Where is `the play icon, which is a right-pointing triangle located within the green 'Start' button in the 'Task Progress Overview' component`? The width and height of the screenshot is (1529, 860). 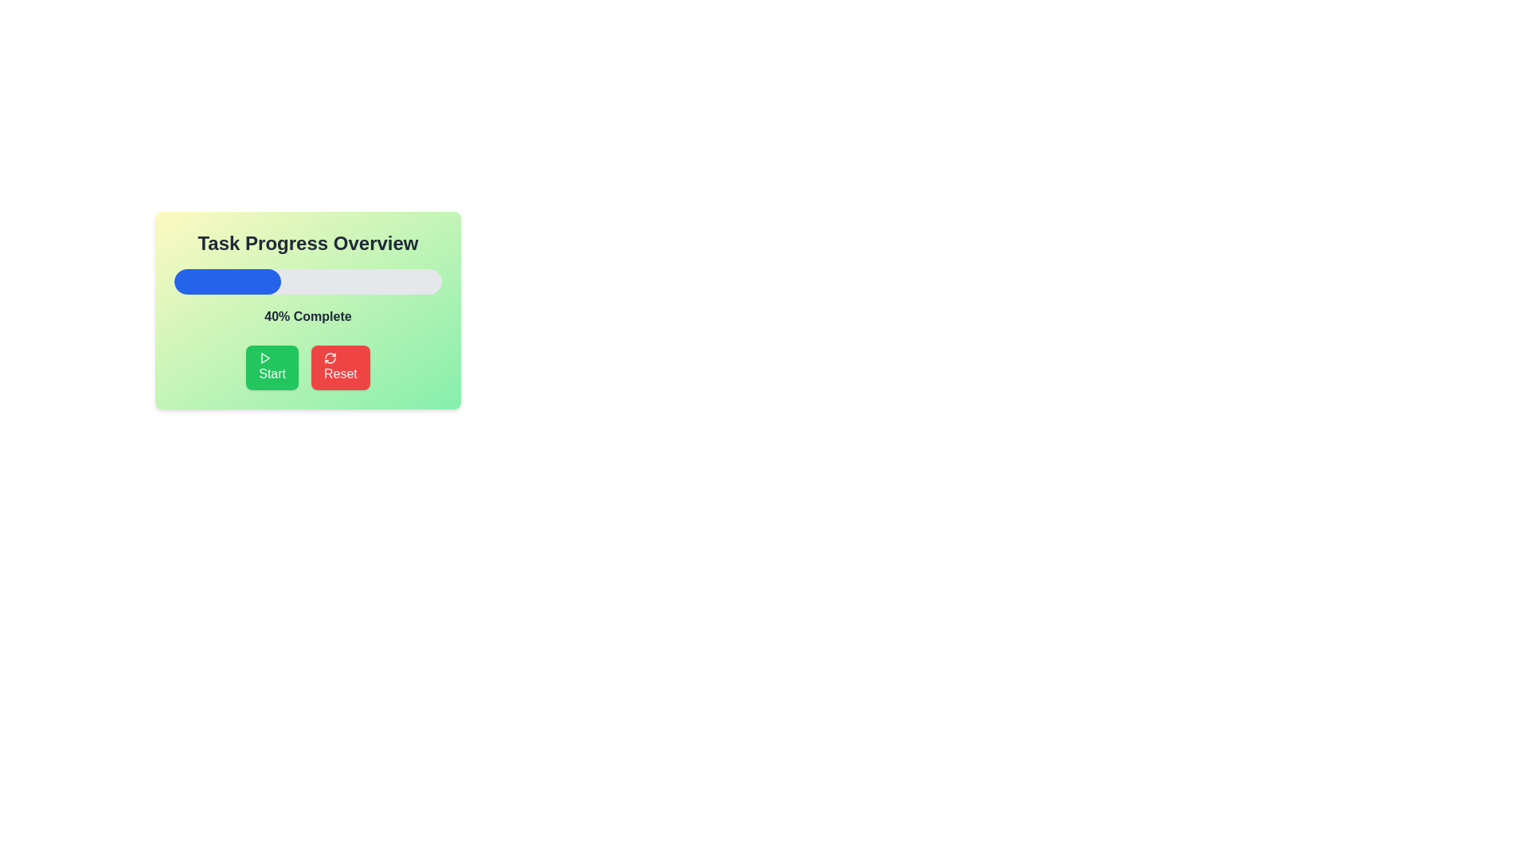 the play icon, which is a right-pointing triangle located within the green 'Start' button in the 'Task Progress Overview' component is located at coordinates (265, 358).